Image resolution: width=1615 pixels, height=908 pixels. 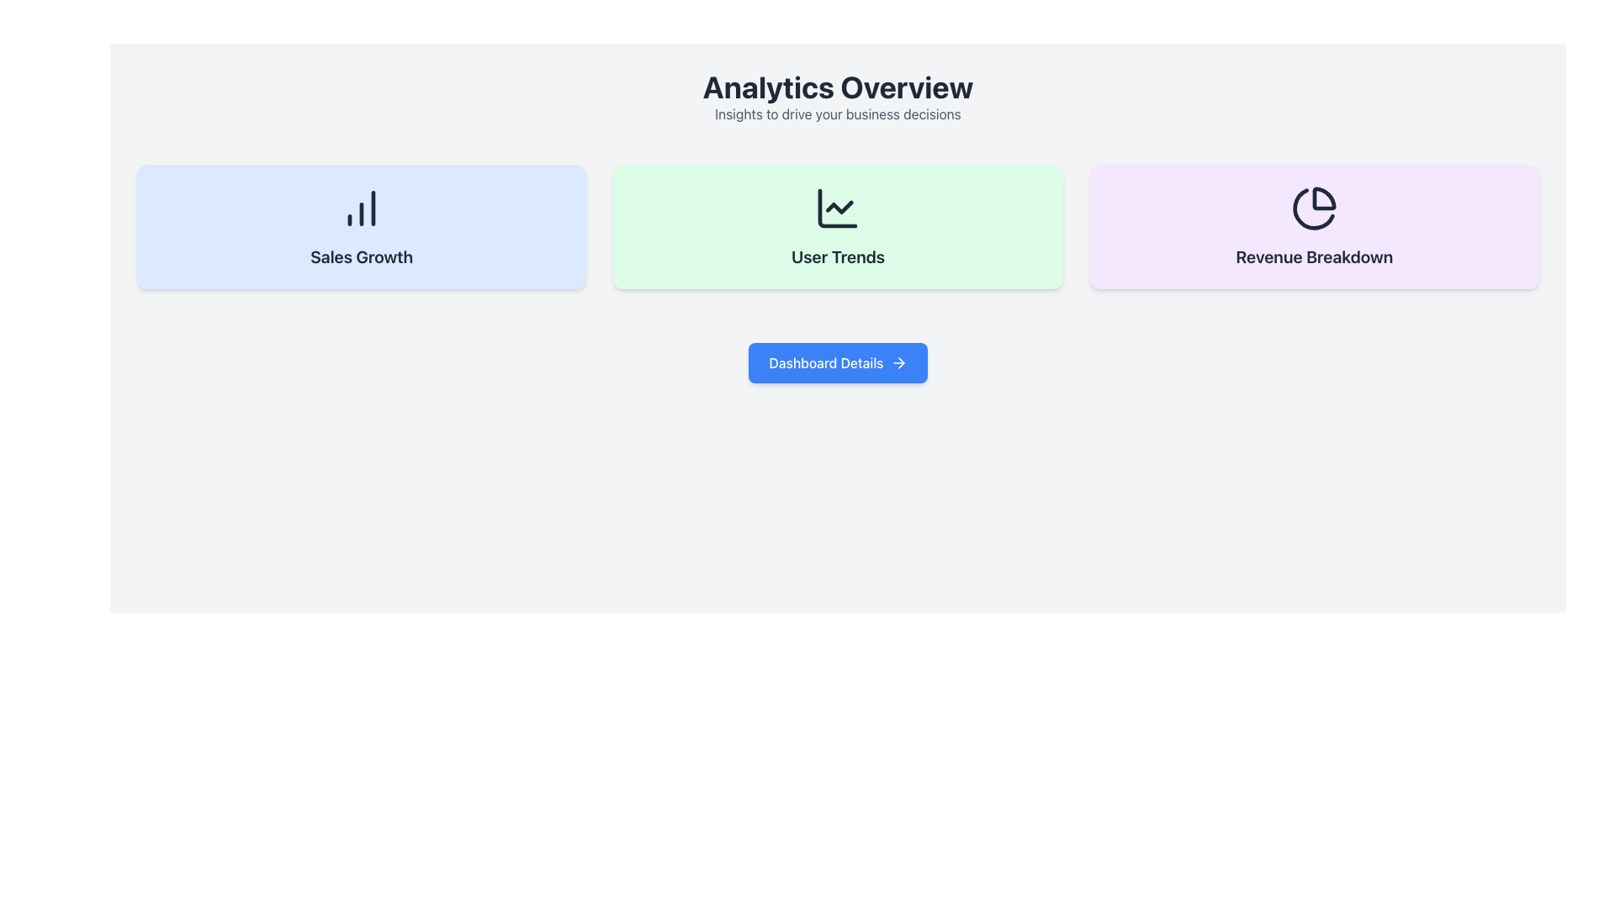 I want to click on the Text Label that describes the content of the purple card containing revenue data, located at the lower segment of the third card in a horizontal set of three cards, so click(x=1313, y=256).